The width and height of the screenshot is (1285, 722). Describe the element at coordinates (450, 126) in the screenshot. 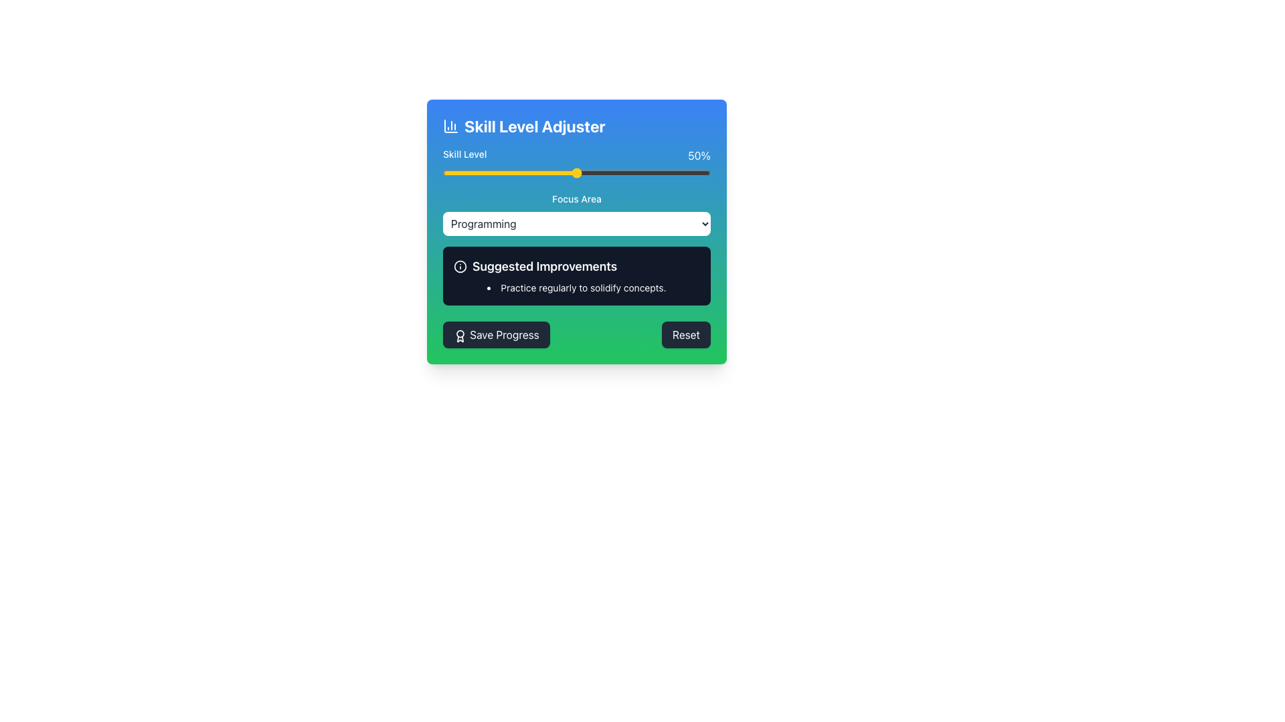

I see `the small graphical icon resembling a bar chart with three vertical bars of varying heights, located on the left side of the header labeled 'Skill Level Adjuster'` at that location.